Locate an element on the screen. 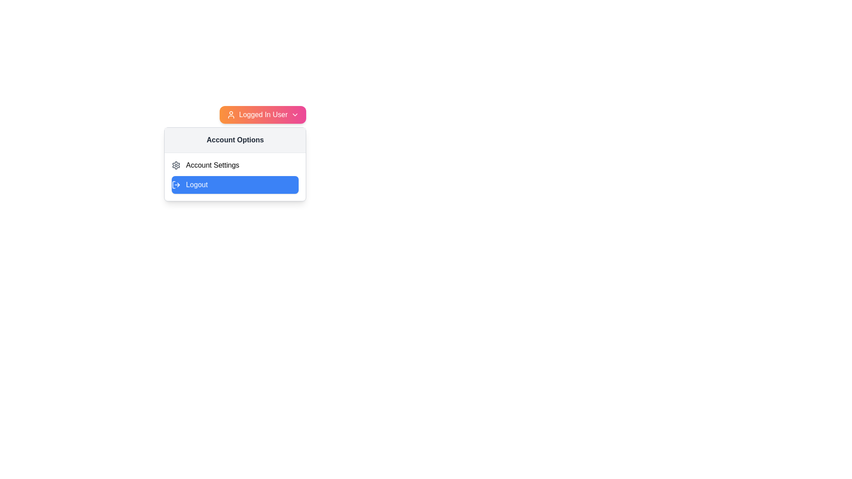 Image resolution: width=852 pixels, height=479 pixels. the 'Logout' button, which is styled as a blue button with white text and rounded corners, located below the 'Account Settings' label in the 'Account Options' section is located at coordinates (235, 177).